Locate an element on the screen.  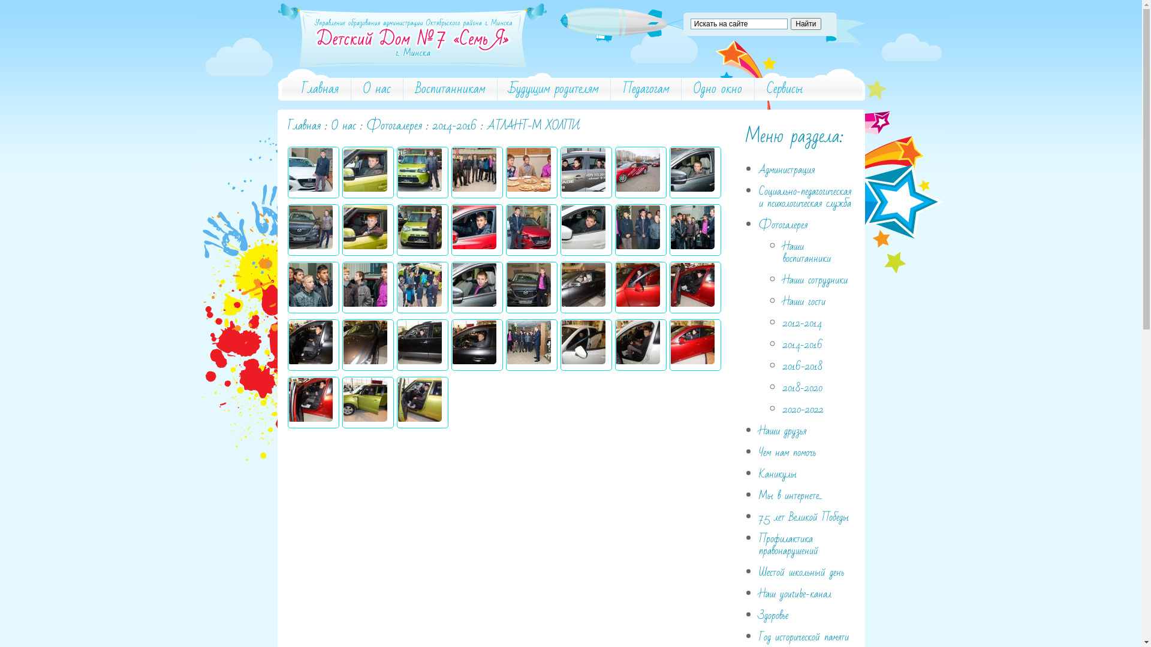
'2014-2016' is located at coordinates (432, 125).